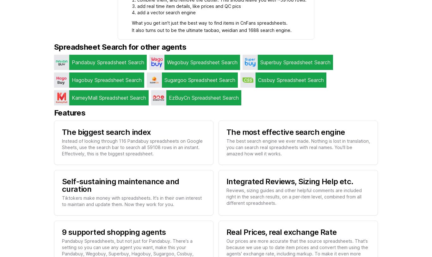 This screenshot has height=257, width=432. Describe the element at coordinates (271, 23) in the screenshot. I see `'spreadsheets.'` at that location.